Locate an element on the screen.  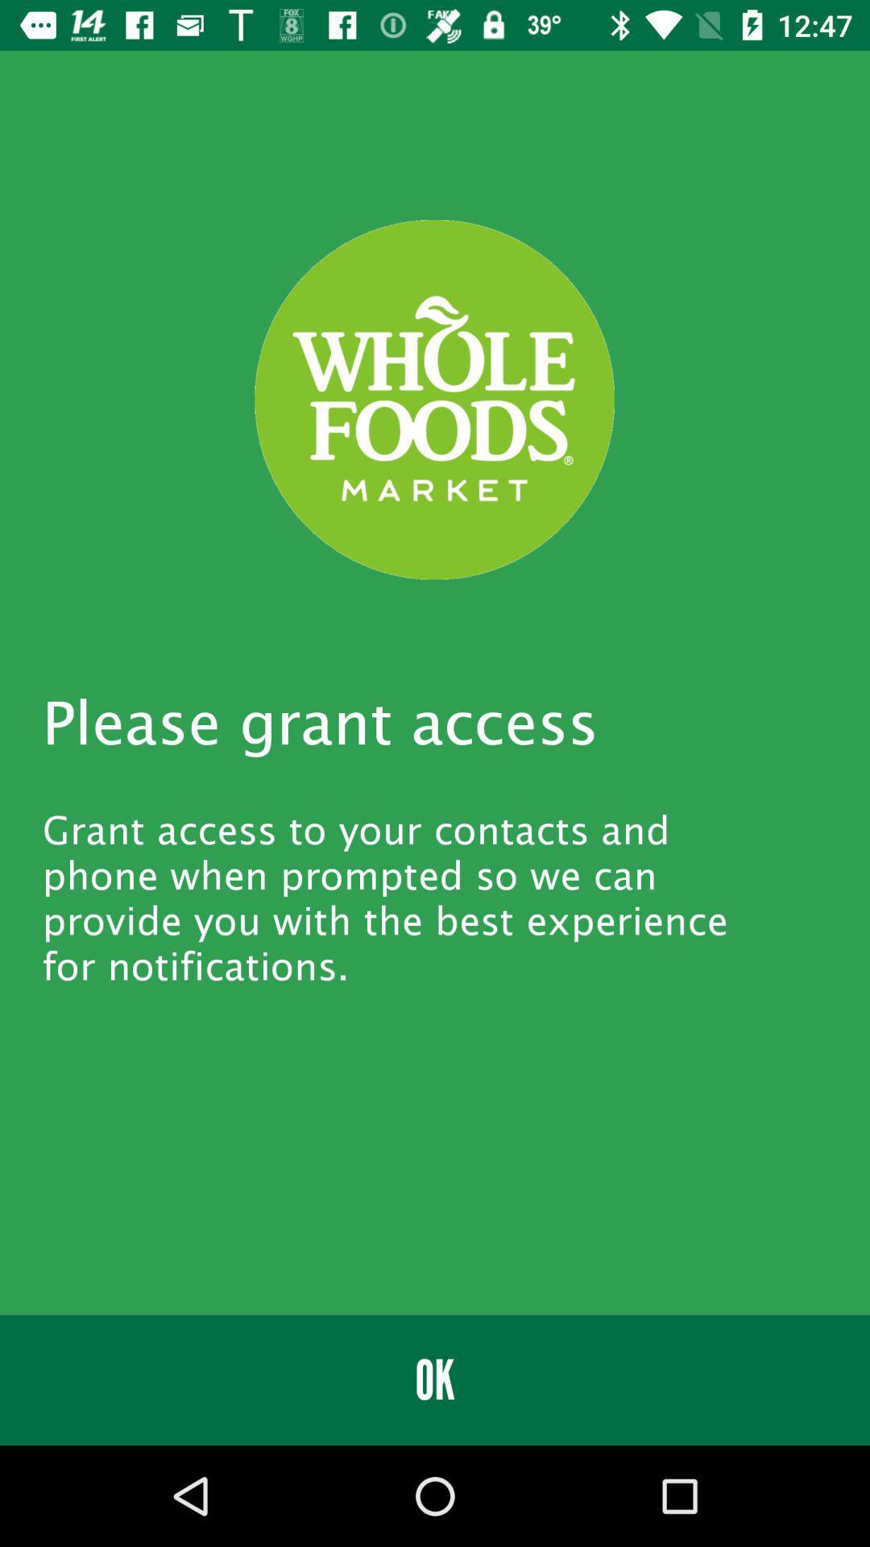
ok icon is located at coordinates (435, 1379).